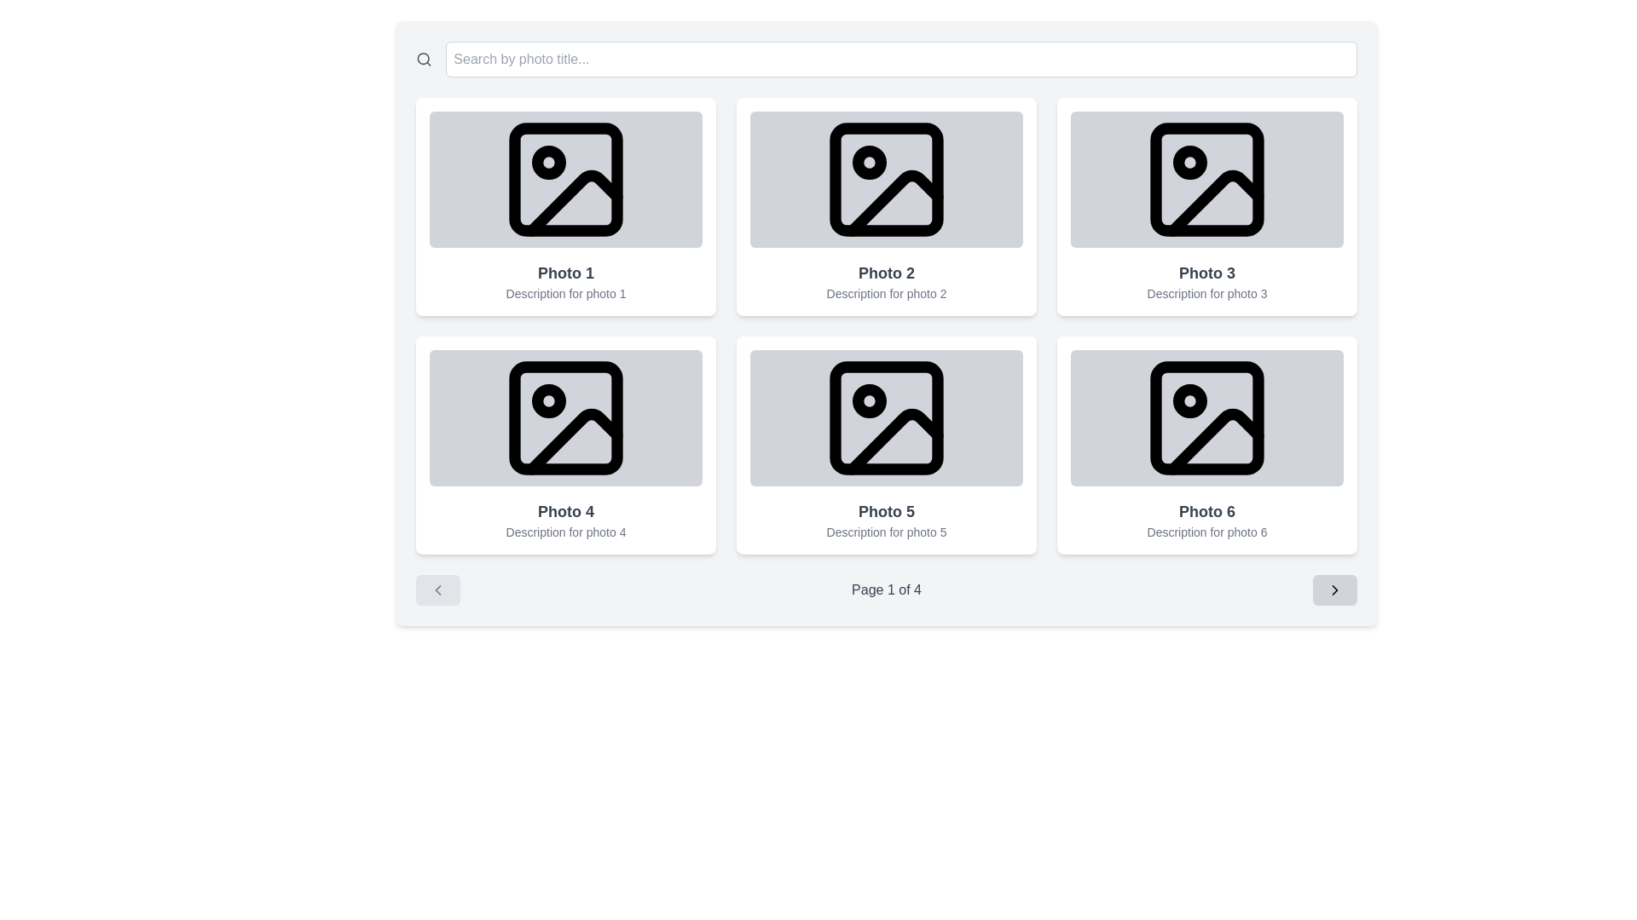 The width and height of the screenshot is (1637, 920). I want to click on the text label providing a description for 'Photo 4', located in the second row, first column of the grid layout, directly below the heading 'Photo 4', so click(565, 531).